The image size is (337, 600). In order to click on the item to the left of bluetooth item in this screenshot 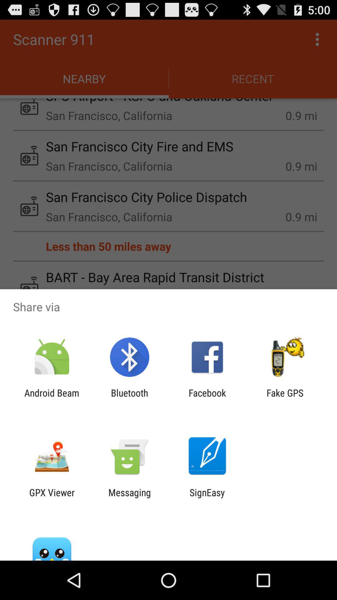, I will do `click(51, 398)`.